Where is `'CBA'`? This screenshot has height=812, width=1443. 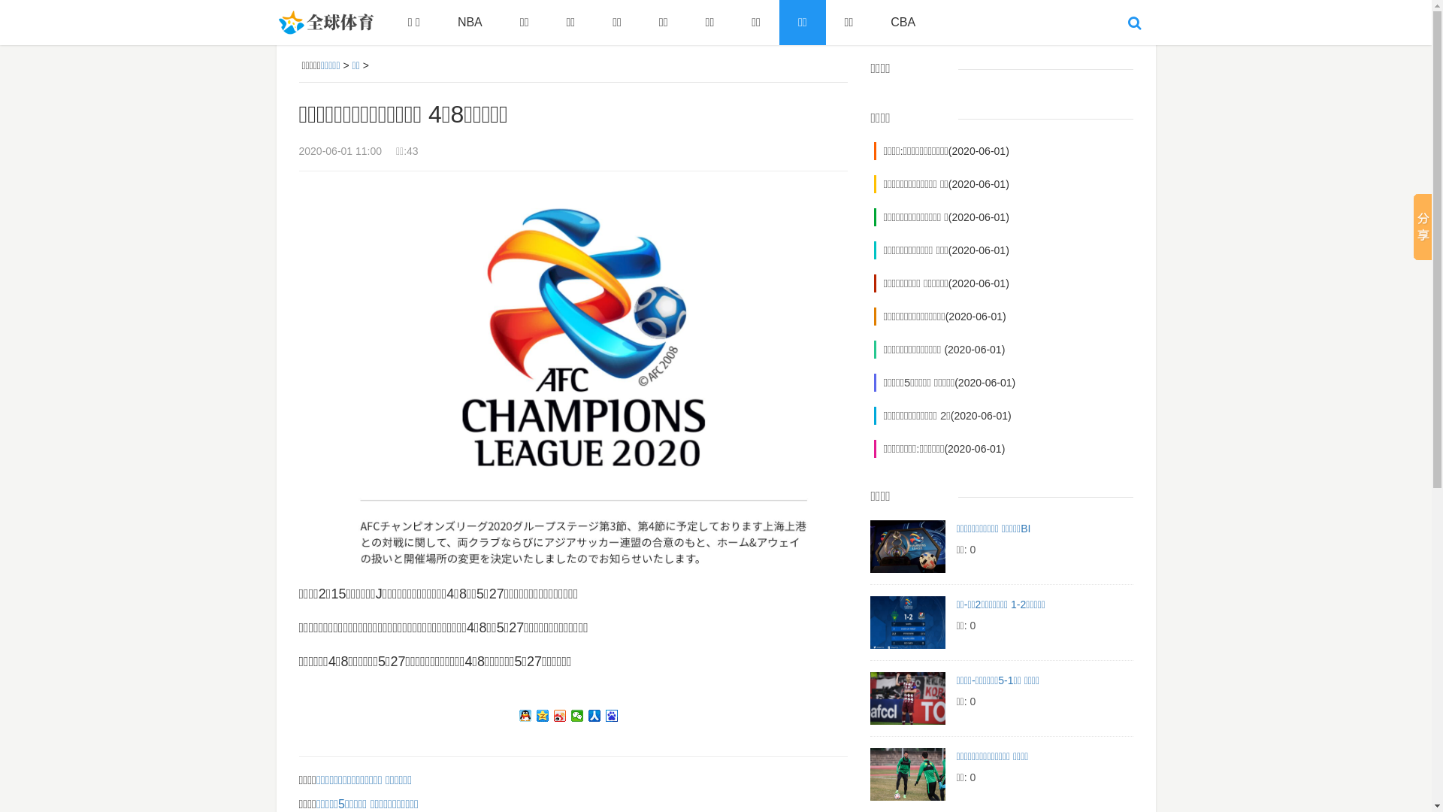
'CBA' is located at coordinates (902, 23).